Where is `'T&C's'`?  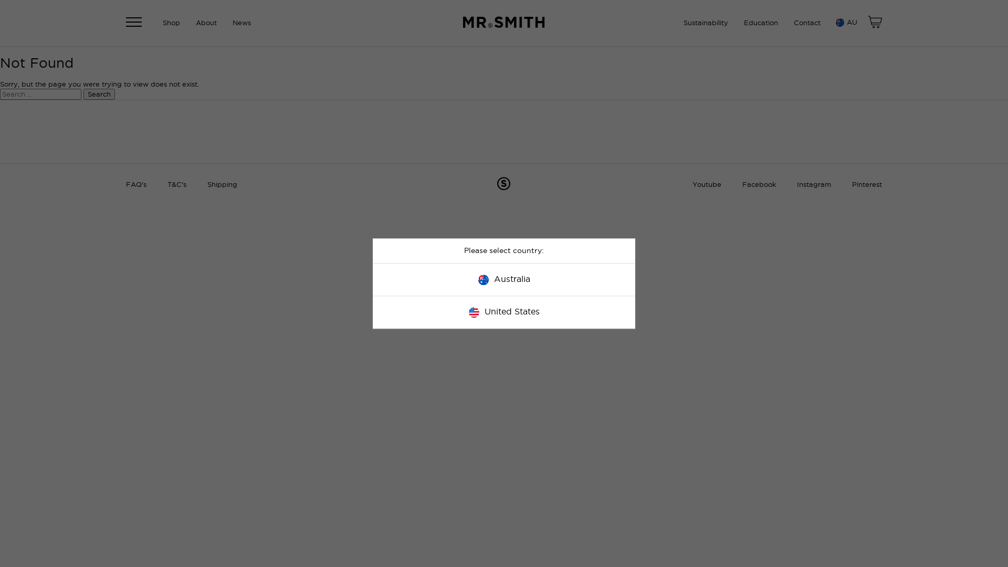 'T&C's' is located at coordinates (176, 184).